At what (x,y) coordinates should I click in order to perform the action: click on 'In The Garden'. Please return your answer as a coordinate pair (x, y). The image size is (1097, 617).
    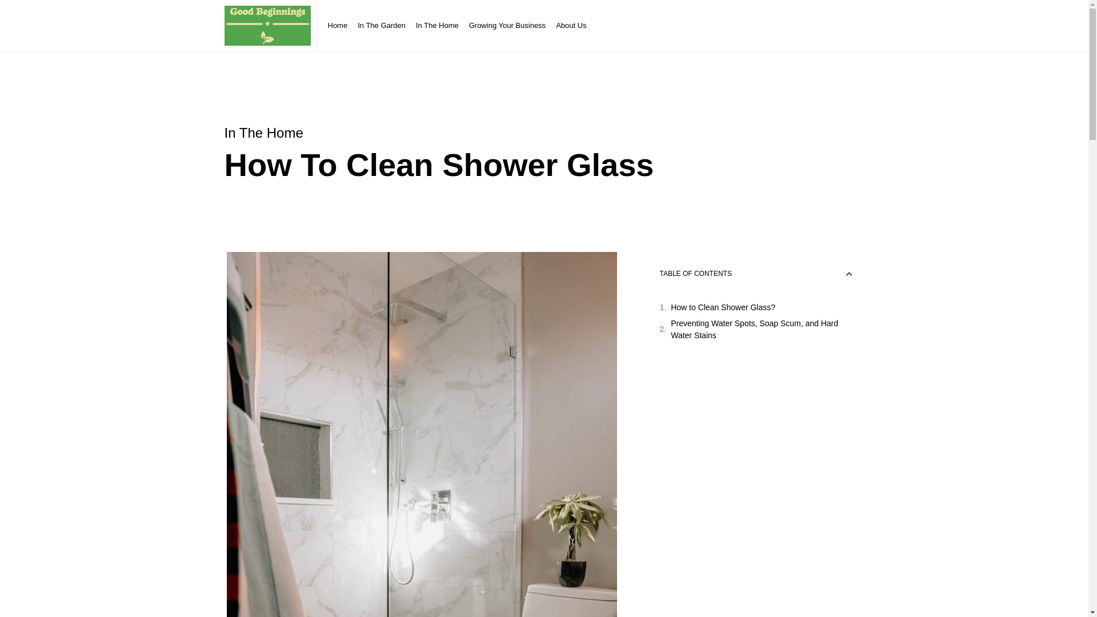
    Looking at the image, I should click on (352, 26).